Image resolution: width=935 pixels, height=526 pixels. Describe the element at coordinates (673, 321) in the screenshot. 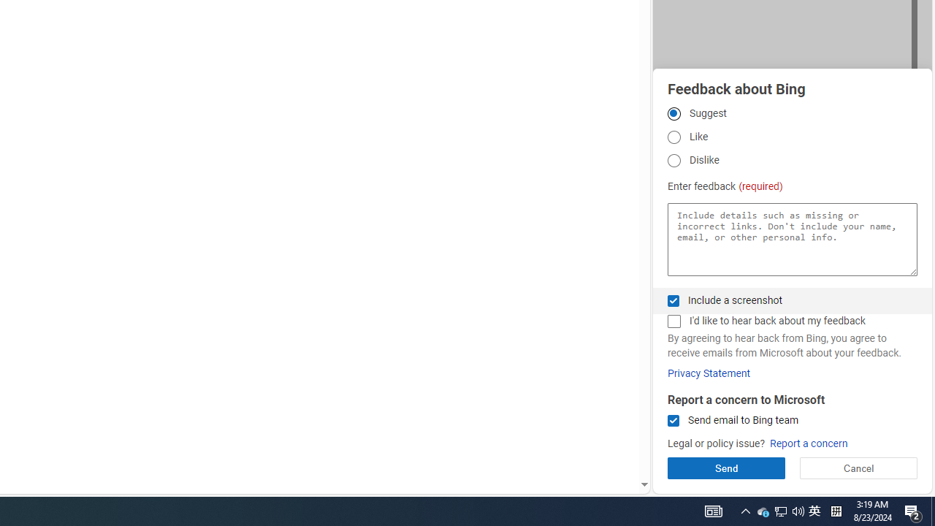

I see `'I'` at that location.